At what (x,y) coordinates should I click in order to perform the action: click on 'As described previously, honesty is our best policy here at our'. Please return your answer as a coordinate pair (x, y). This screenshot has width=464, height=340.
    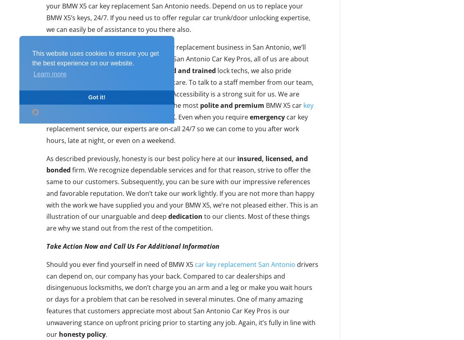
    Looking at the image, I should click on (142, 158).